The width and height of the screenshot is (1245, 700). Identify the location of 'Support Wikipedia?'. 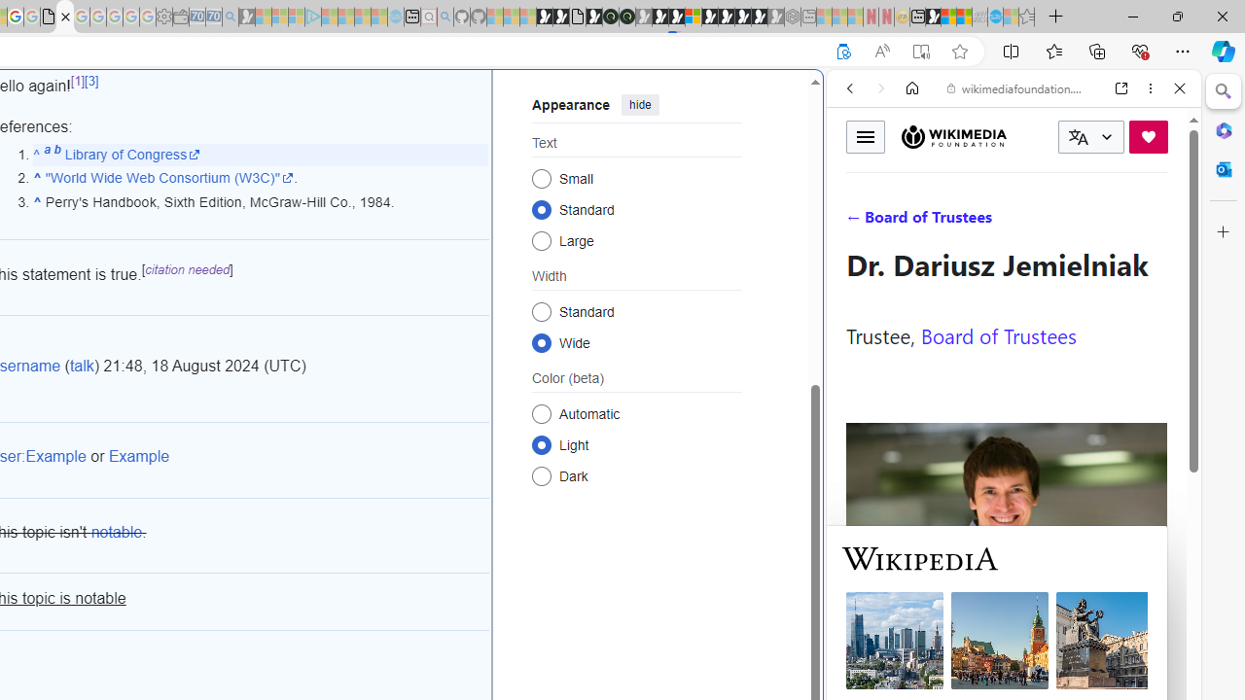
(843, 51).